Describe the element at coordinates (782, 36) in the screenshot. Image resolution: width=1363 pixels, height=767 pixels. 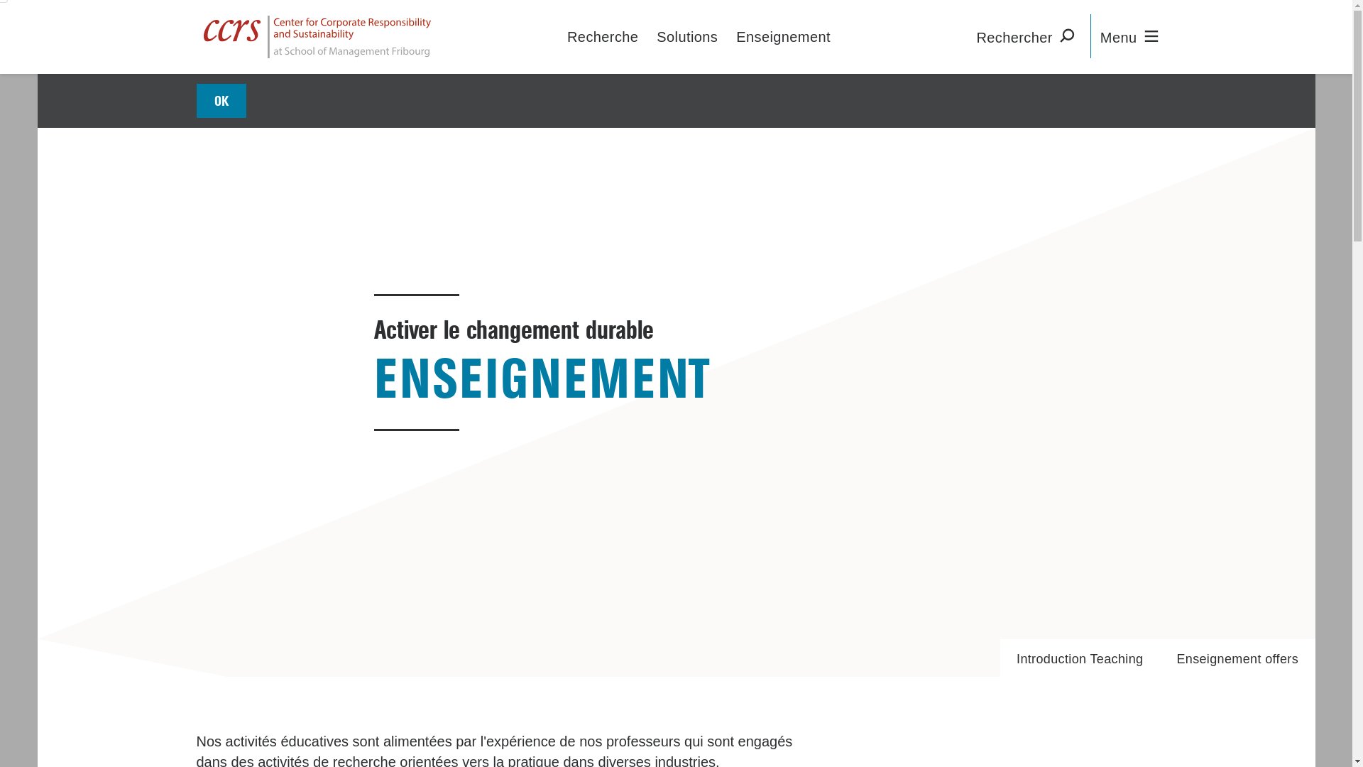
I see `'Enseignement'` at that location.